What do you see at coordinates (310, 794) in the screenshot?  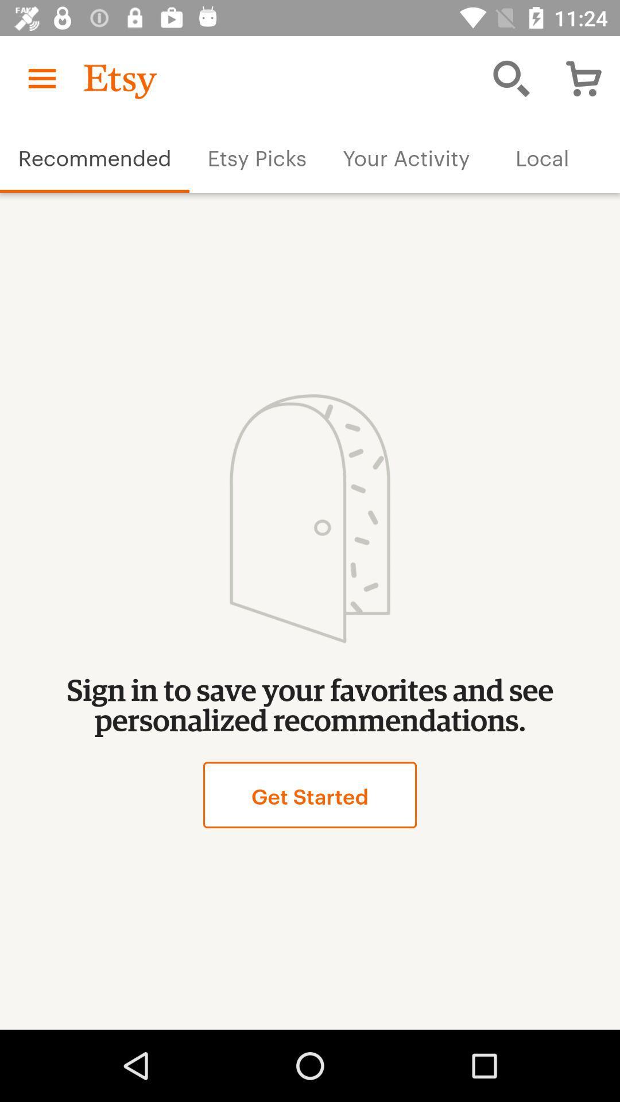 I see `the item below sign in to` at bounding box center [310, 794].